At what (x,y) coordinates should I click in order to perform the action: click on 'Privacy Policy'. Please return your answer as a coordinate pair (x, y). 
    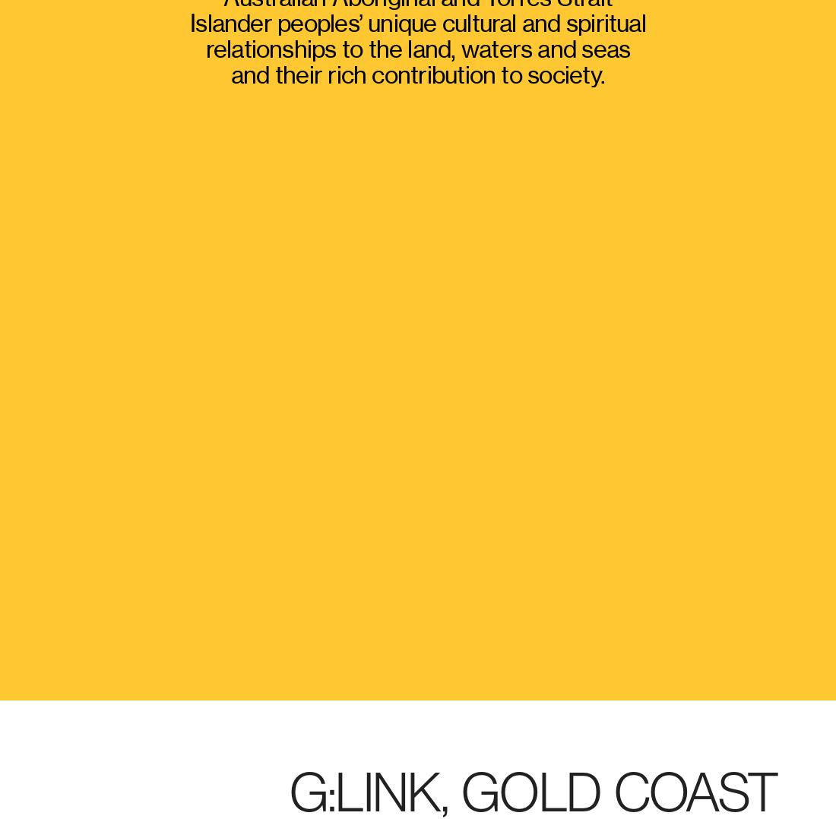
    Looking at the image, I should click on (433, 676).